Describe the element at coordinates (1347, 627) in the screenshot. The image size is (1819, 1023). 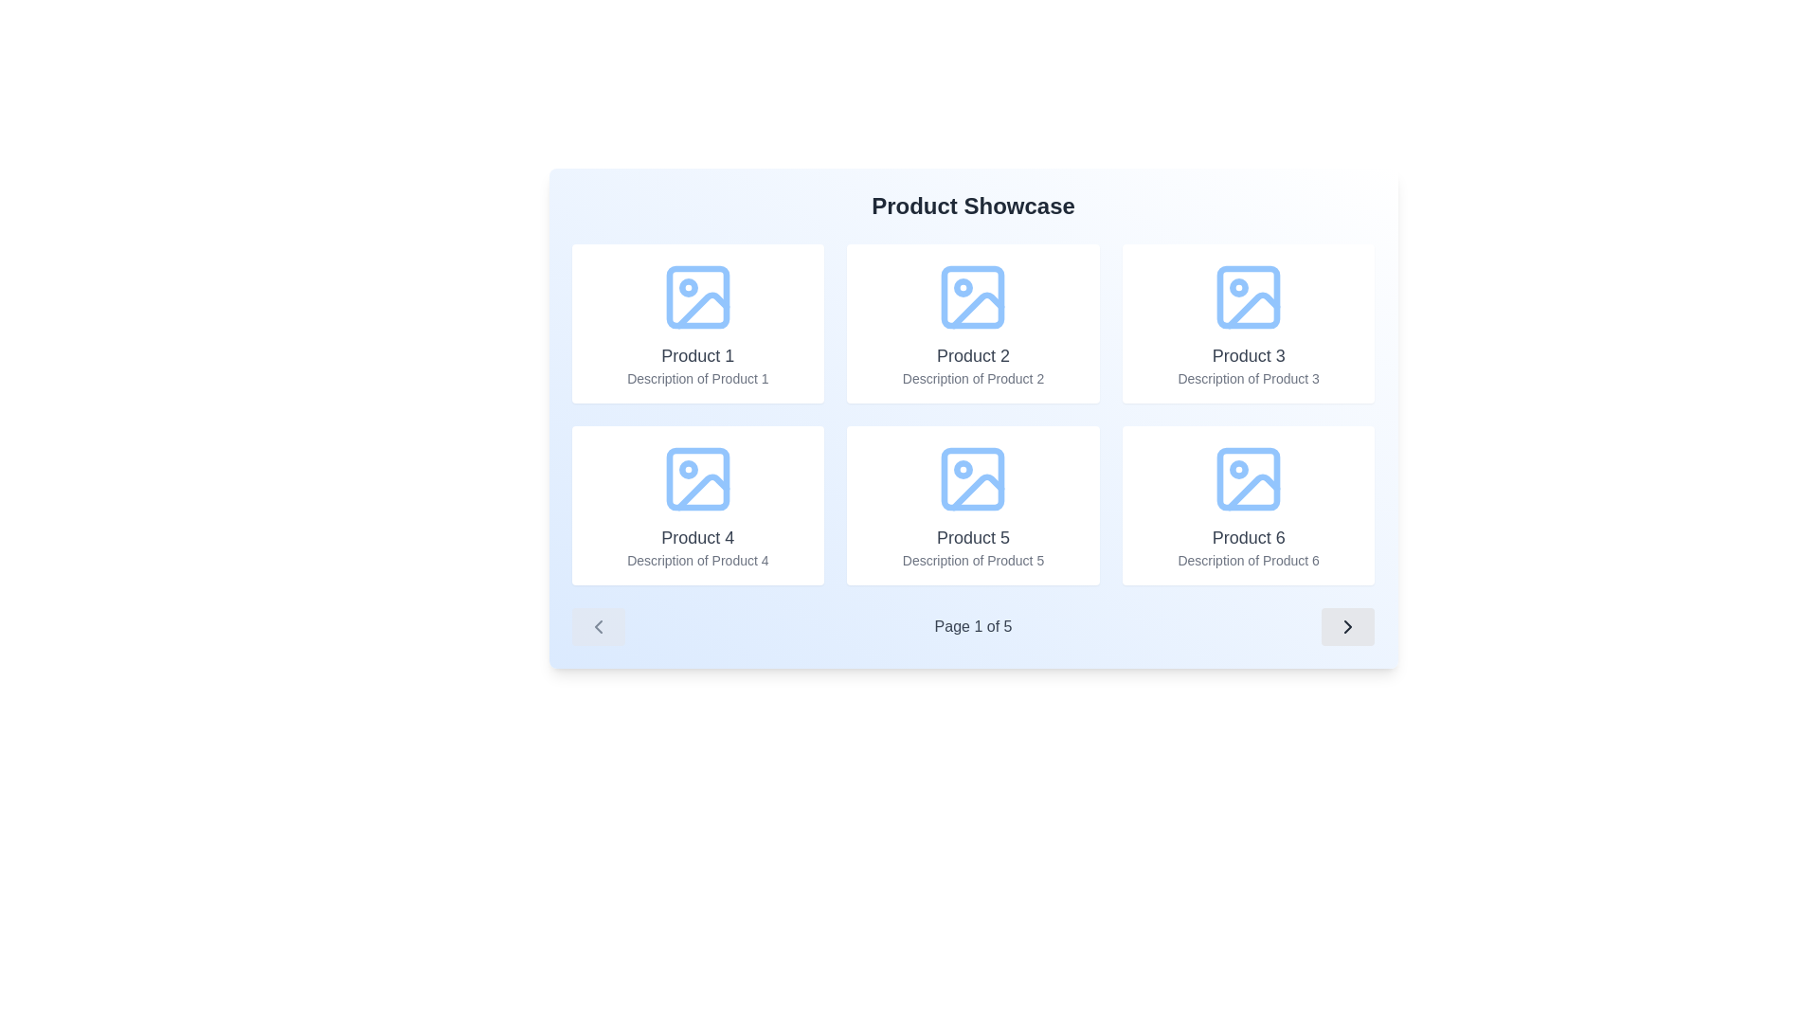
I see `the right-facing chevron arrow icon located near the bottom right corner of the interface` at that location.